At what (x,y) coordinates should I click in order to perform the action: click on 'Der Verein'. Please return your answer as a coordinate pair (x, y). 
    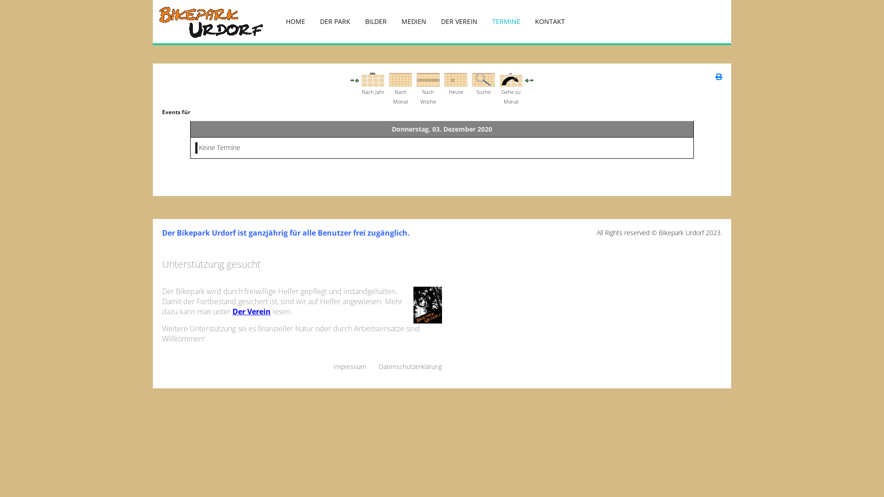
    Looking at the image, I should click on (232, 311).